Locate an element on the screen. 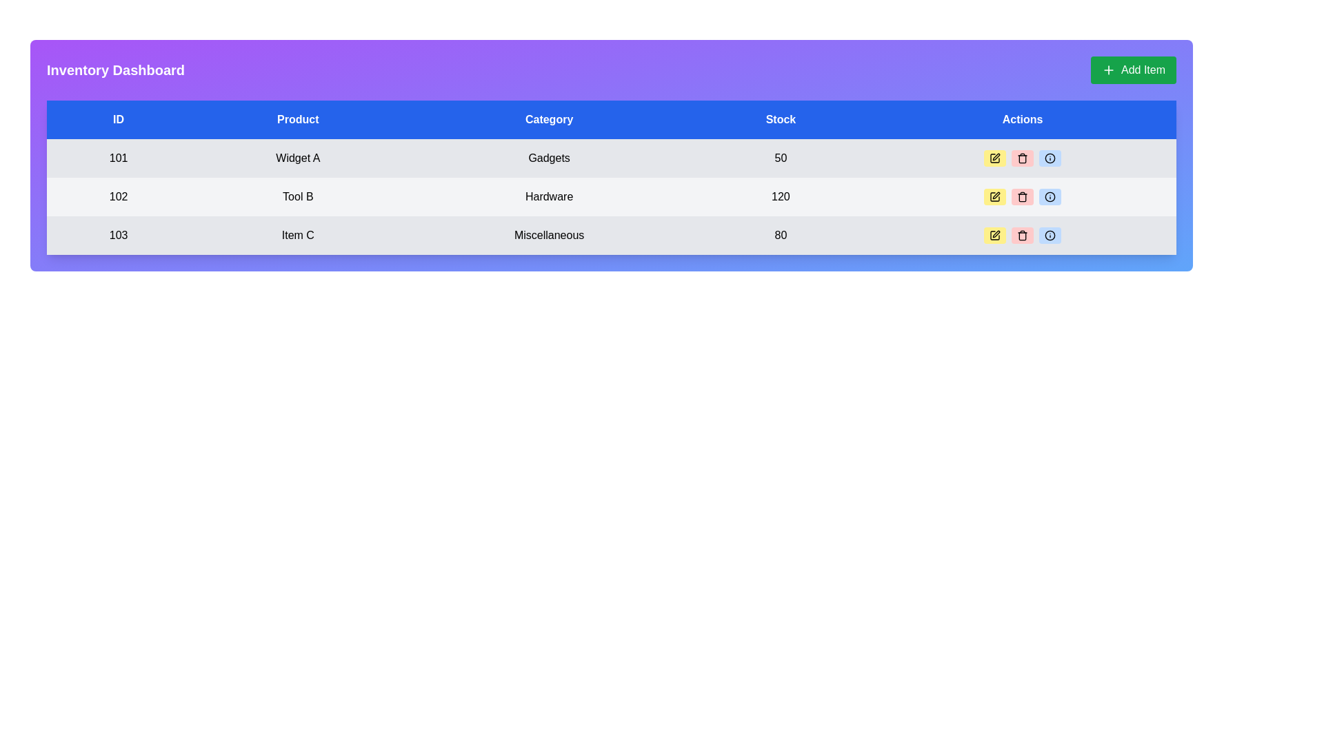 The width and height of the screenshot is (1324, 744). the Information icon located in the 'Actions' column of the table, specifically the third icon in the last data row ('Item C') is located at coordinates (1049, 235).